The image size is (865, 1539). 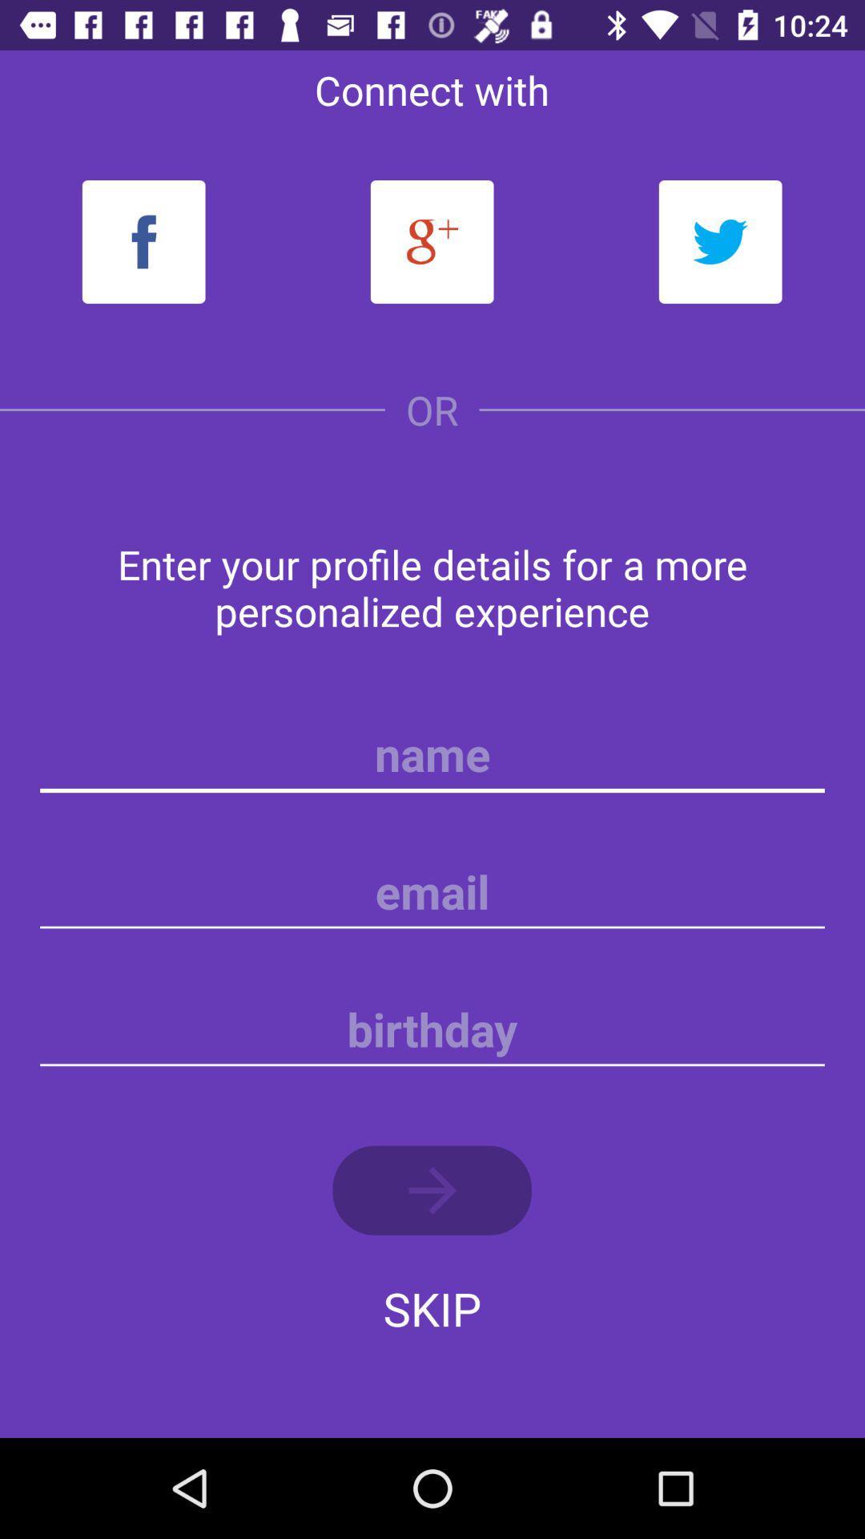 What do you see at coordinates (432, 753) in the screenshot?
I see `text` at bounding box center [432, 753].